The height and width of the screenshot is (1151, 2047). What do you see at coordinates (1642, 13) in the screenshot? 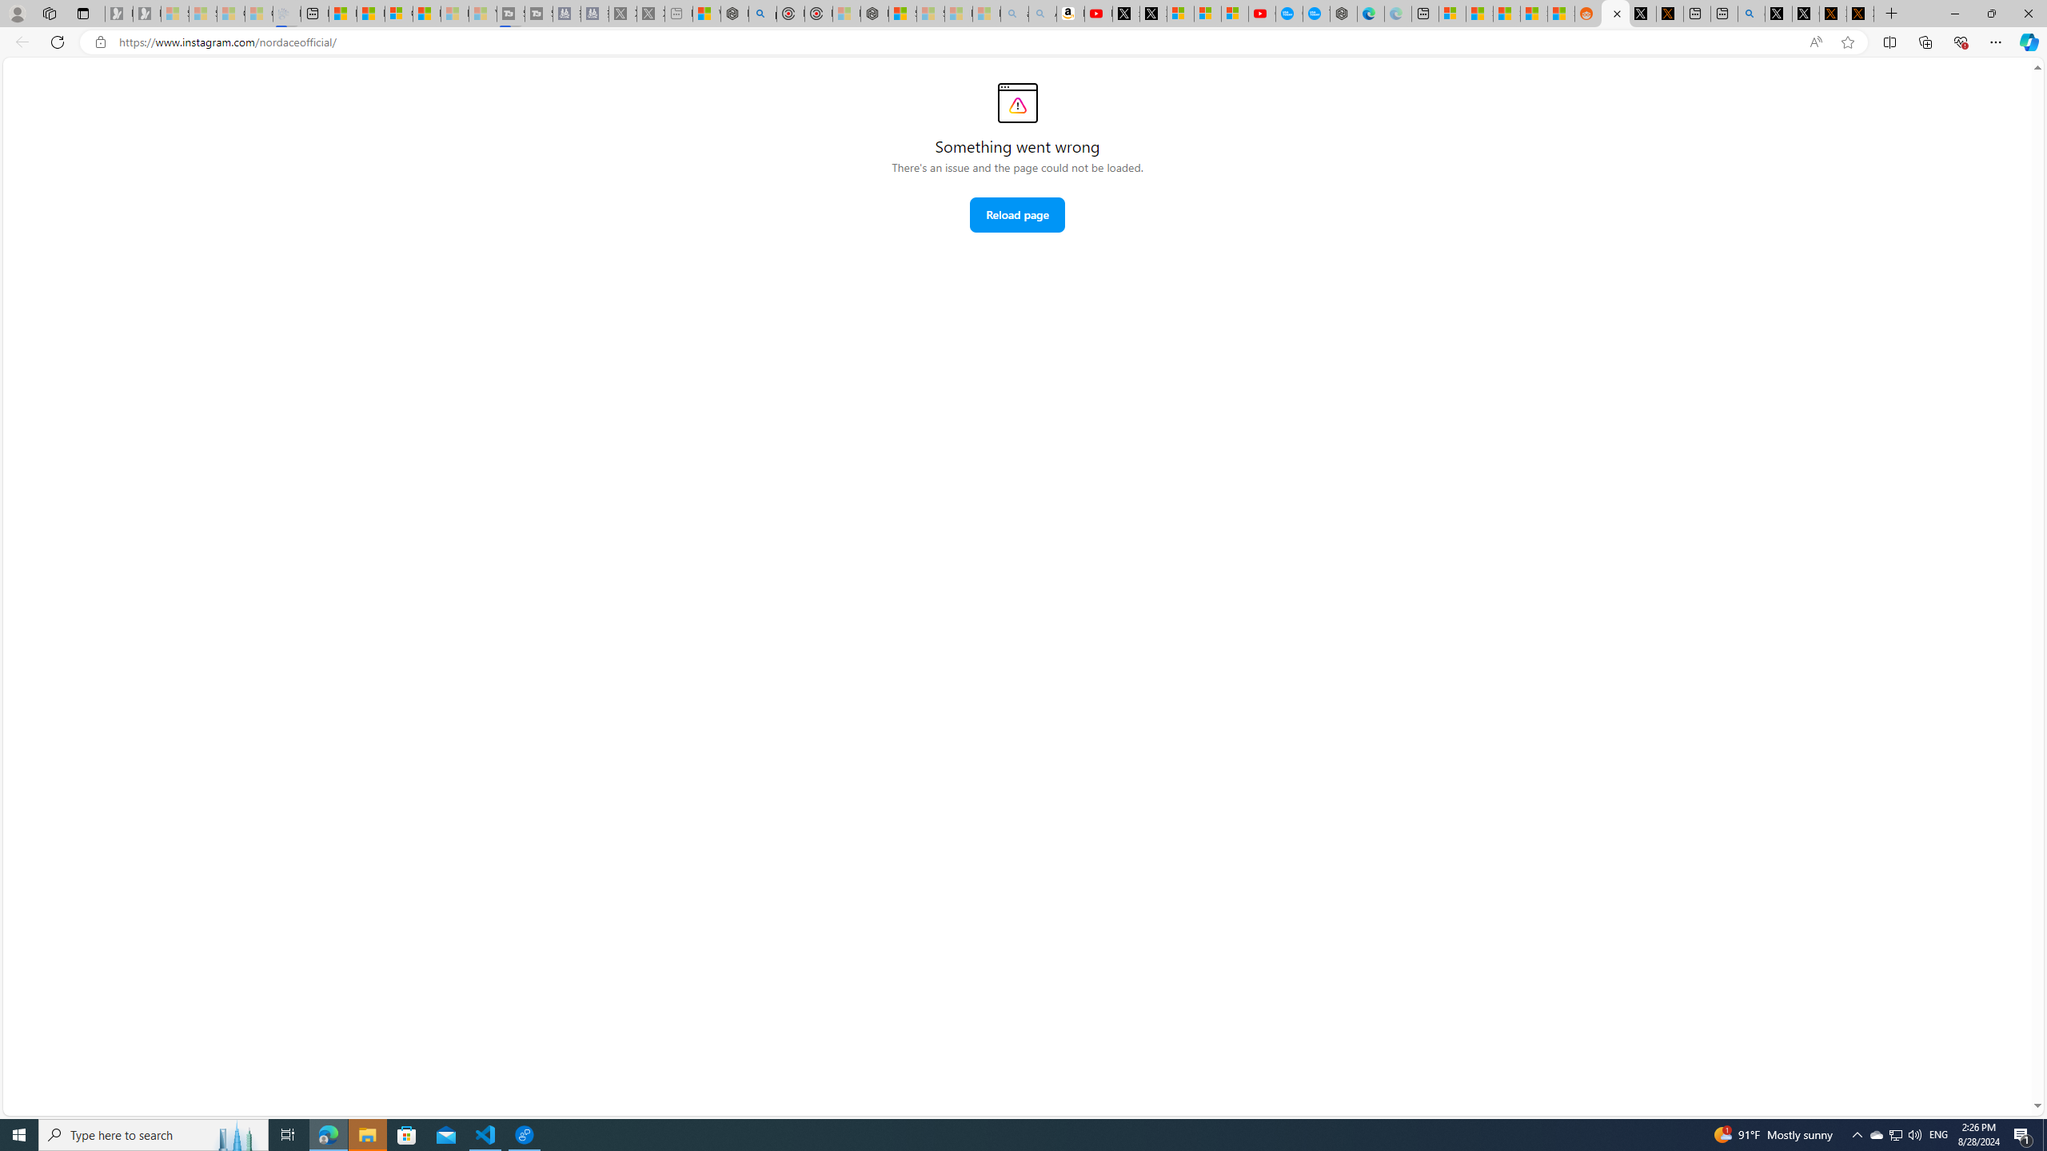
I see `'Log in to X / X'` at bounding box center [1642, 13].